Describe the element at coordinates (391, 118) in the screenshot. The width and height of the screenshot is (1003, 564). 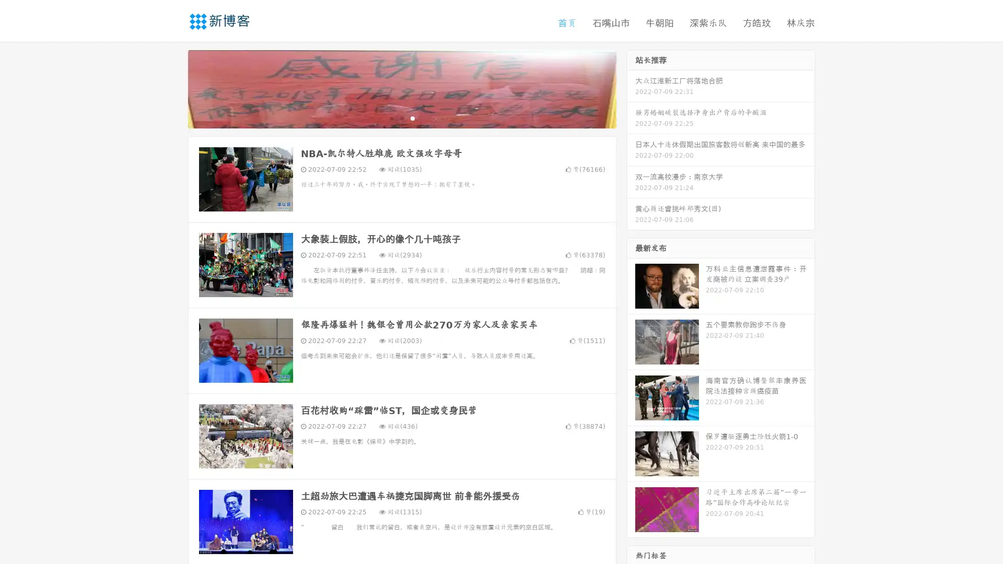
I see `Go to slide 1` at that location.